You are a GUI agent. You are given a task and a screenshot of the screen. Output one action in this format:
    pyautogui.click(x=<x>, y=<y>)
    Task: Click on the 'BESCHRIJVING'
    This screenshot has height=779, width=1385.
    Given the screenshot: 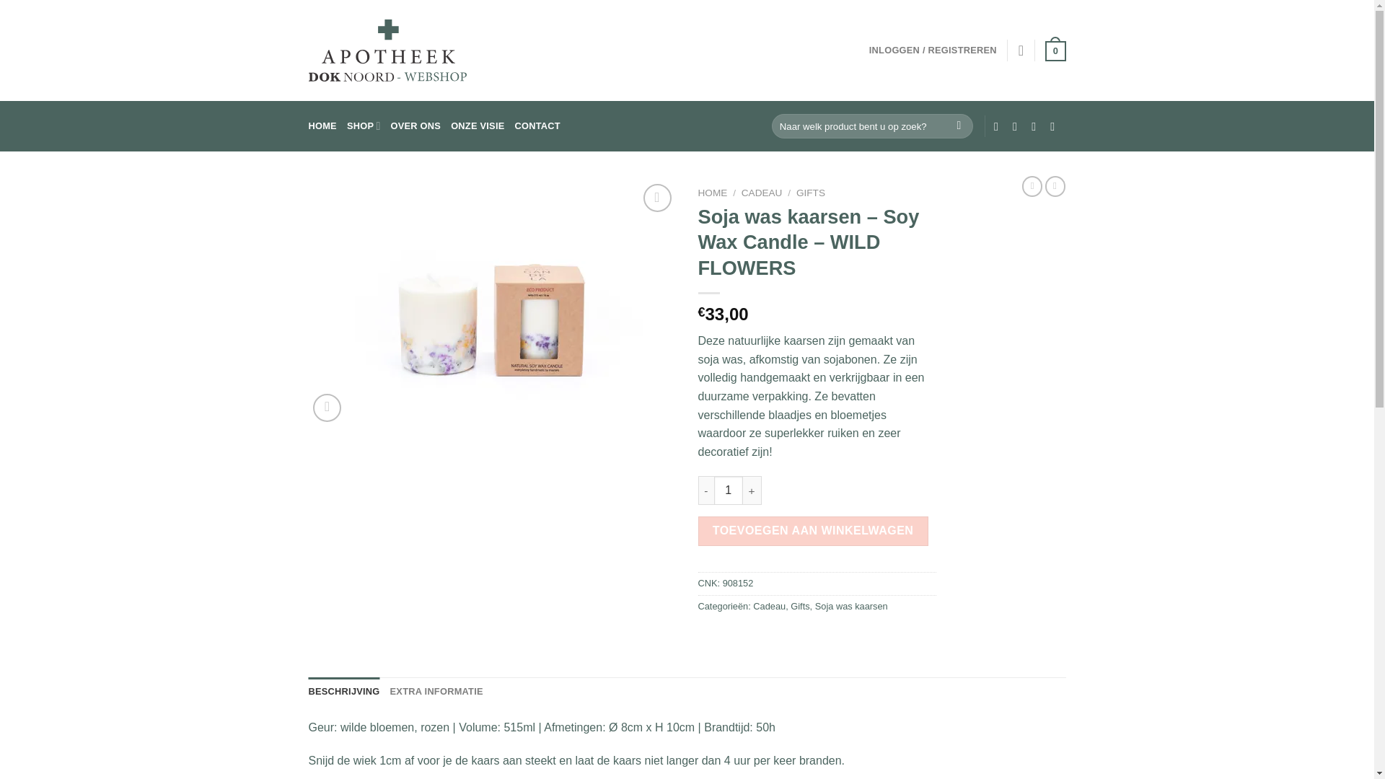 What is the action you would take?
    pyautogui.click(x=343, y=691)
    